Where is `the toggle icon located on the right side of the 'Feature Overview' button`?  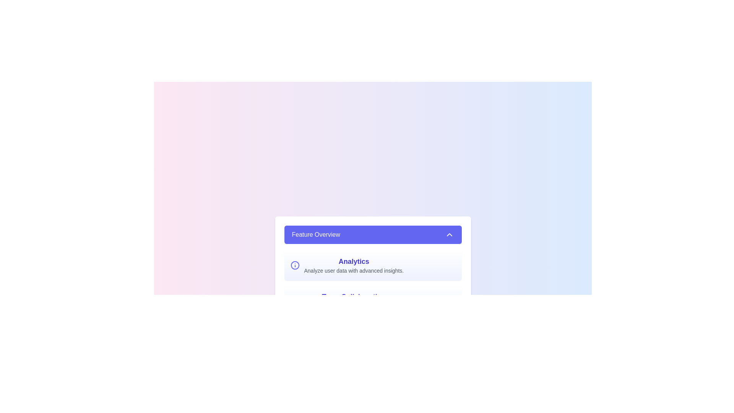 the toggle icon located on the right side of the 'Feature Overview' button is located at coordinates (449, 234).